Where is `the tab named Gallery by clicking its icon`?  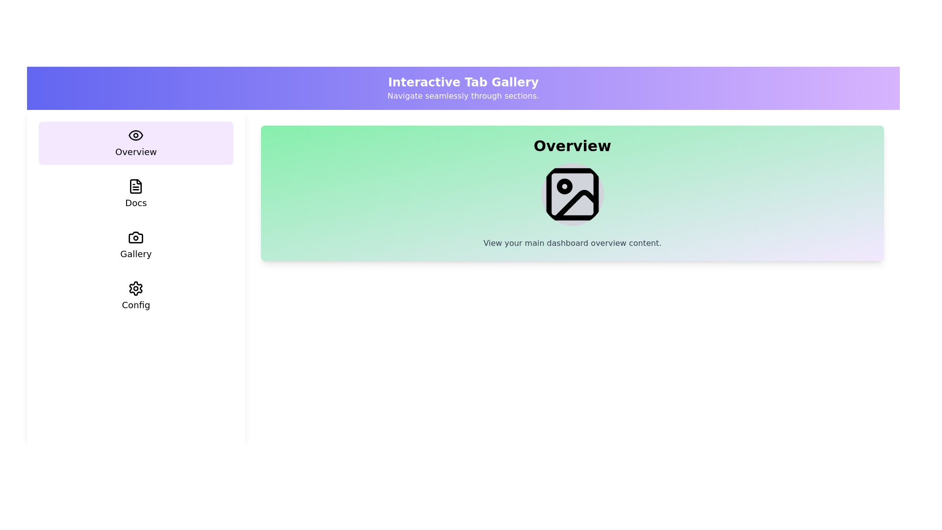
the tab named Gallery by clicking its icon is located at coordinates (135, 245).